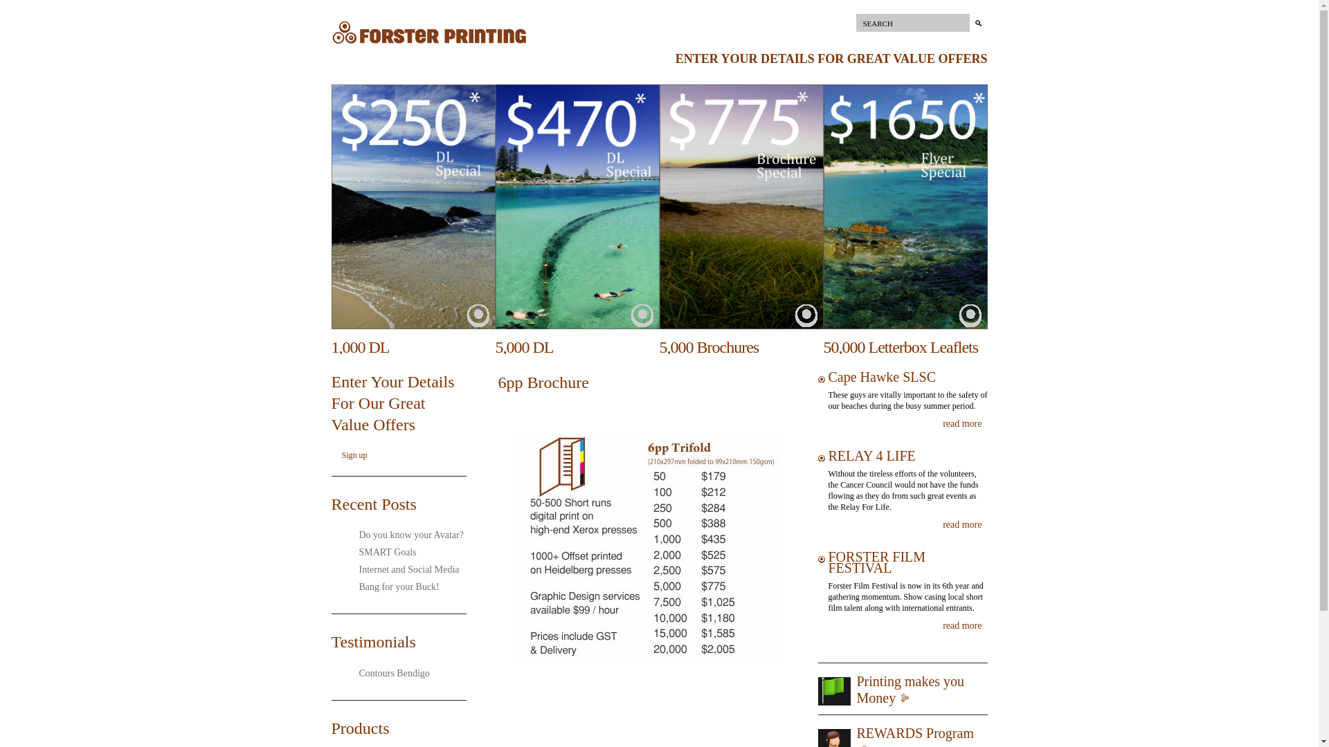  What do you see at coordinates (831, 57) in the screenshot?
I see `'ENTER YOUR DETAILS FOR GREAT VALUE OFFERS'` at bounding box center [831, 57].